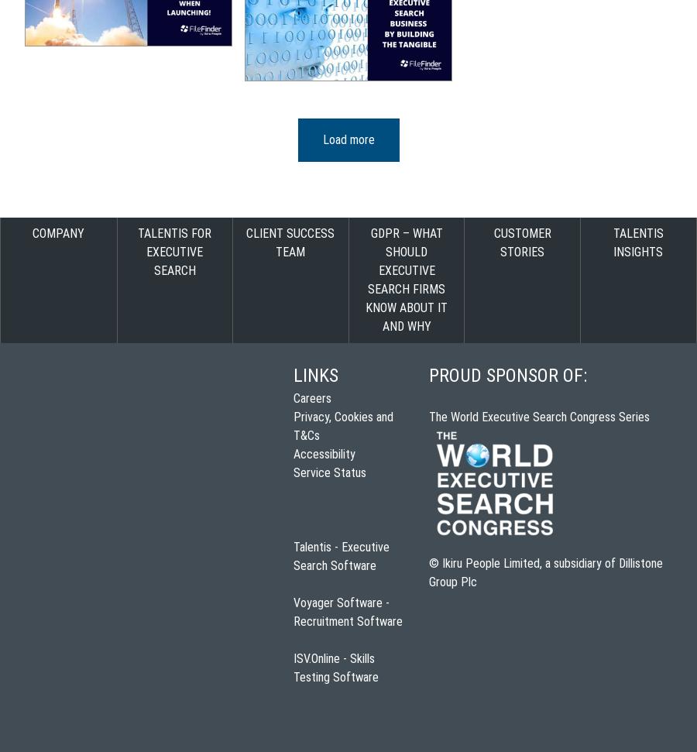 The width and height of the screenshot is (697, 752). Describe the element at coordinates (348, 139) in the screenshot. I see `'Load more'` at that location.